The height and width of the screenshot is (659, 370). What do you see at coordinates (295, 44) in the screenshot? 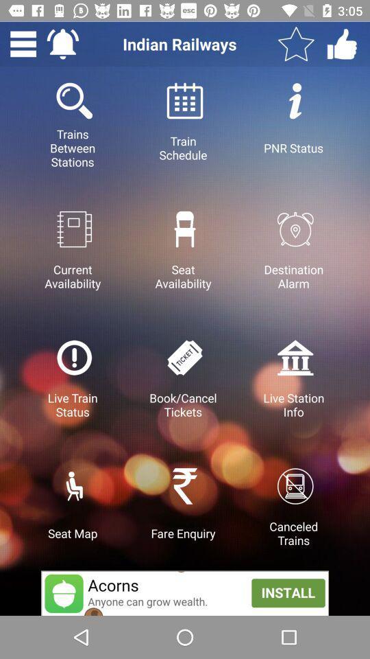
I see `the star icon` at bounding box center [295, 44].